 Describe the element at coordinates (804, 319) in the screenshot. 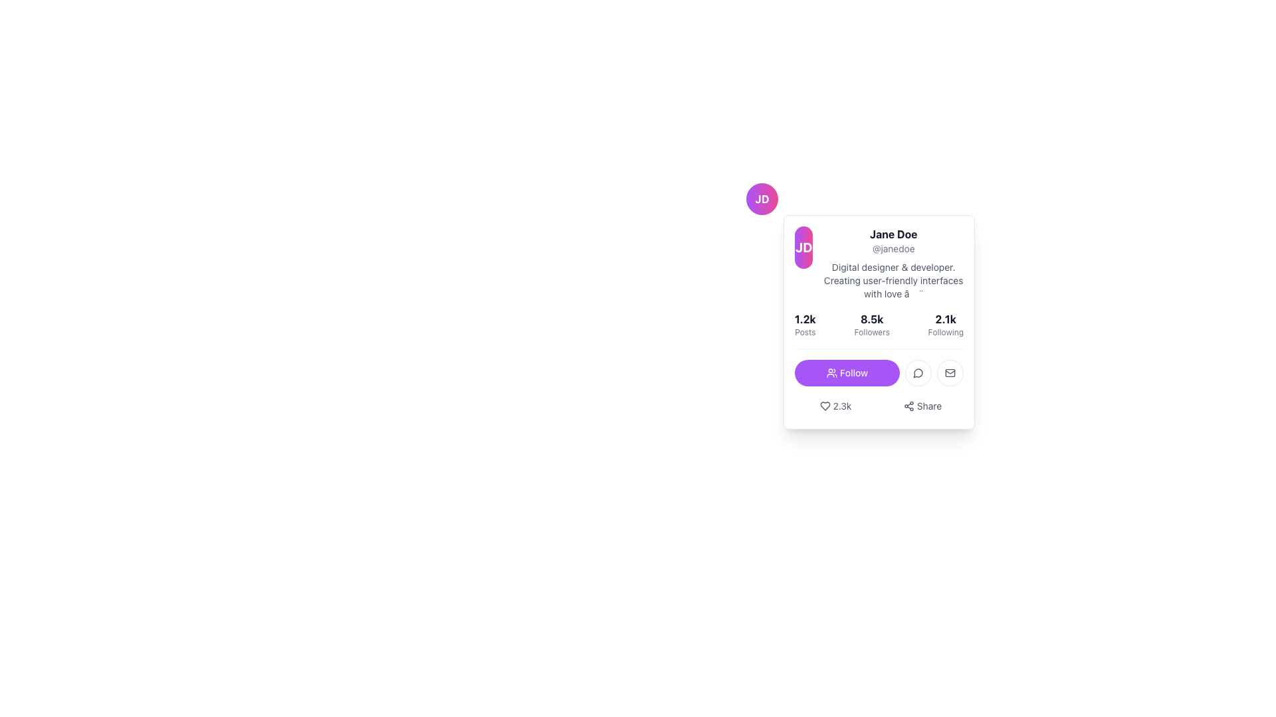

I see `the static text element that displays the count of posts associated with the user, which is positioned above the label 'Posts' in the user statistics panel` at that location.